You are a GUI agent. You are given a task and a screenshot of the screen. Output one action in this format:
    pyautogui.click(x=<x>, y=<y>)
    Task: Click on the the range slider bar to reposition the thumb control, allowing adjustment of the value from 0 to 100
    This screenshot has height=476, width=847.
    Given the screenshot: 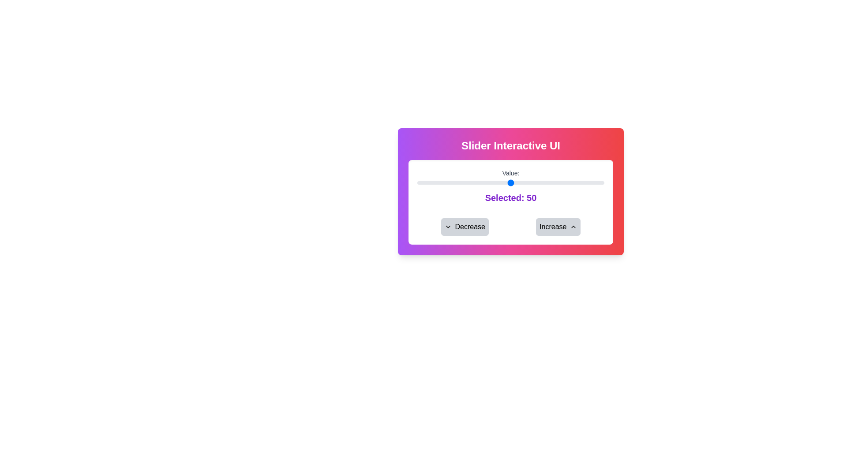 What is the action you would take?
    pyautogui.click(x=510, y=182)
    